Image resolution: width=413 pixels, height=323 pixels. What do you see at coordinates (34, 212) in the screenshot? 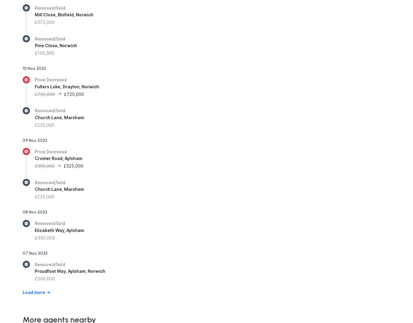
I see `'08 Nov 2023'` at bounding box center [34, 212].